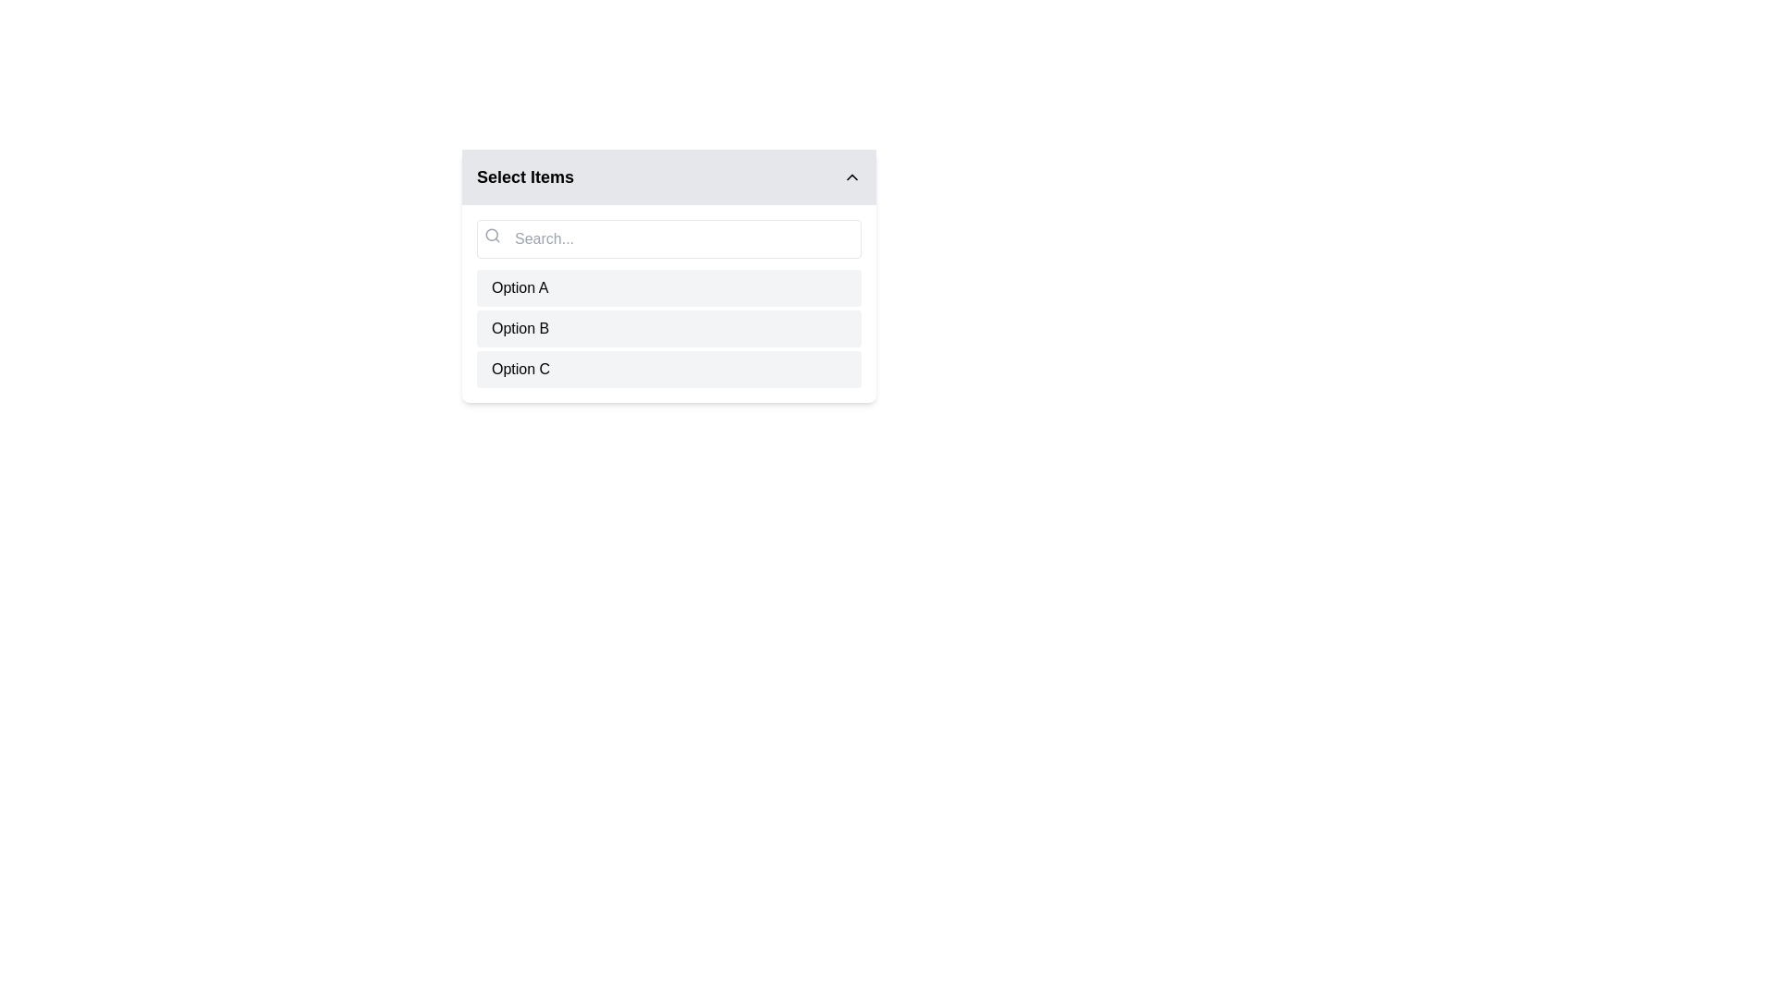 This screenshot has height=998, width=1775. What do you see at coordinates (668, 302) in the screenshot?
I see `the list of selectable items containing 'Option A', 'Option B', and 'Option C' to activate keyboard interaction` at bounding box center [668, 302].